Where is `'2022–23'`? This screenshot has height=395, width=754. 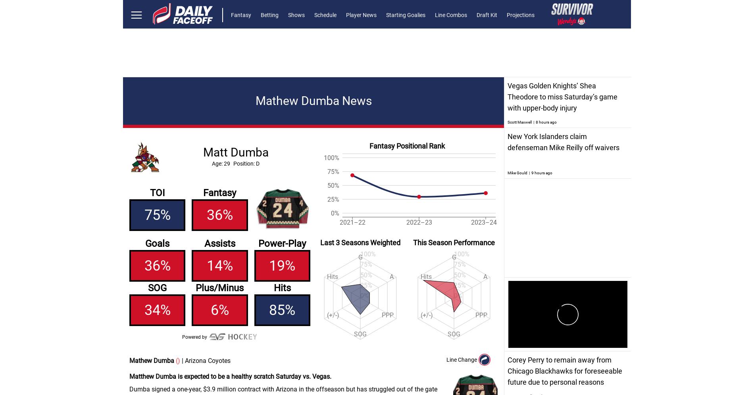 '2022–23' is located at coordinates (419, 222).